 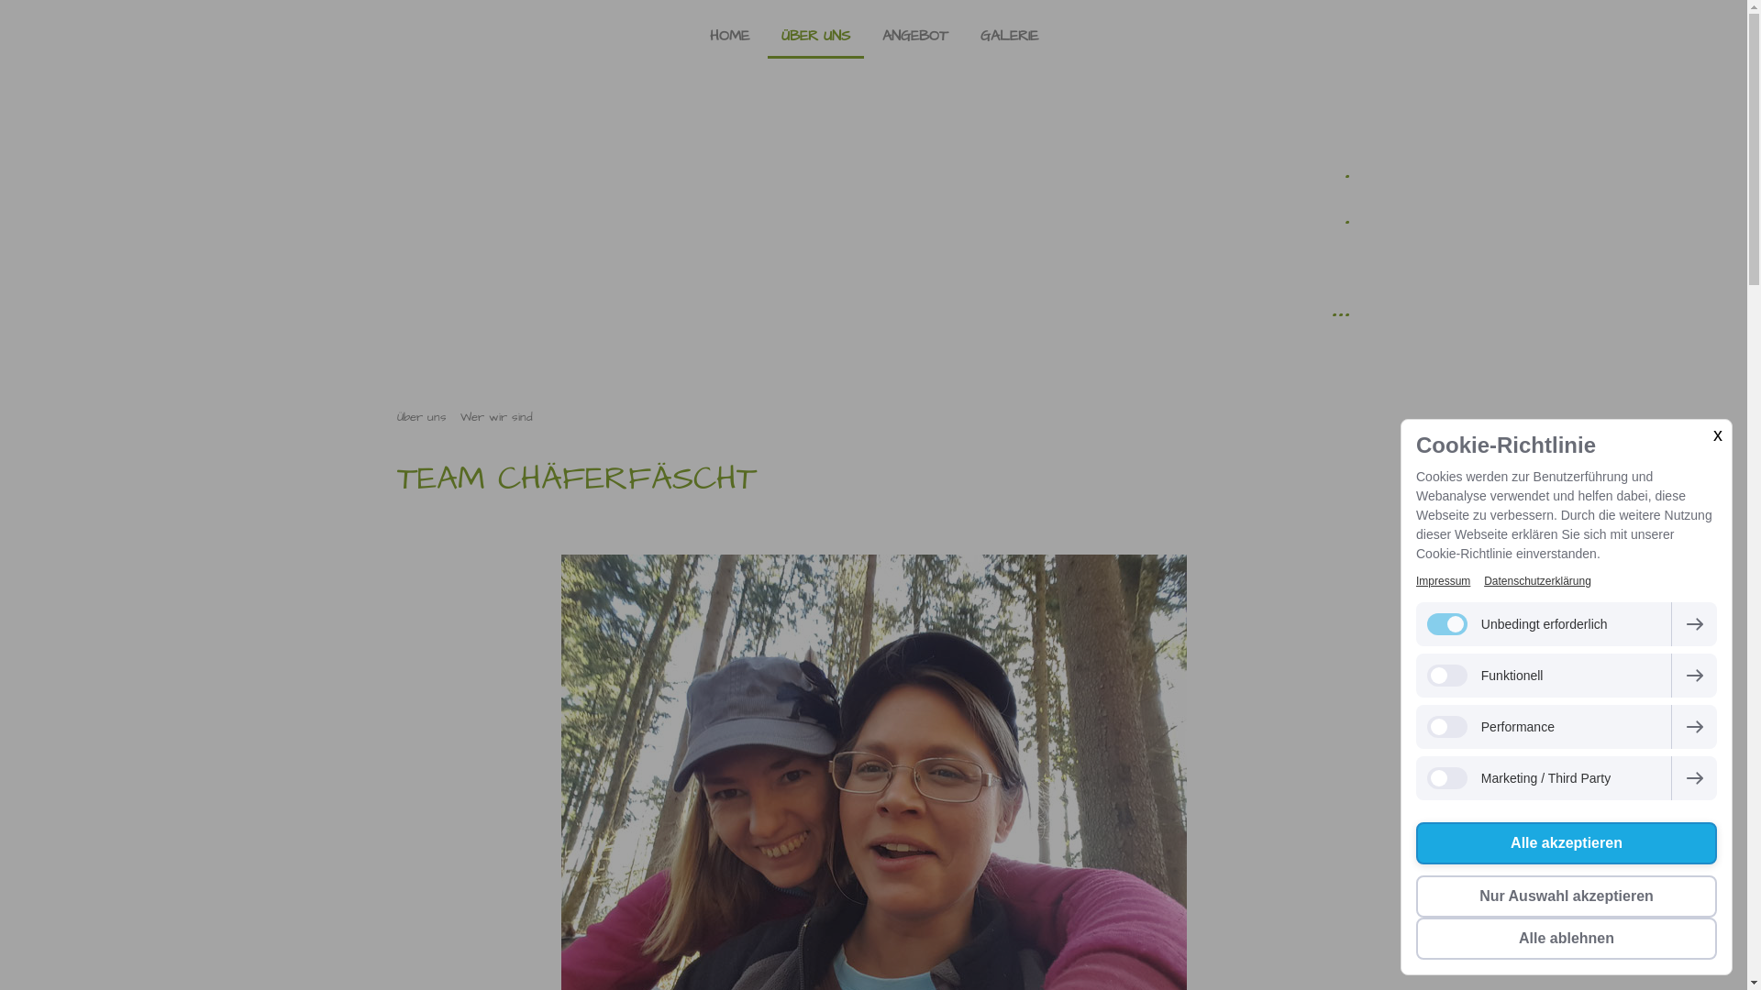 What do you see at coordinates (727, 36) in the screenshot?
I see `'HOME'` at bounding box center [727, 36].